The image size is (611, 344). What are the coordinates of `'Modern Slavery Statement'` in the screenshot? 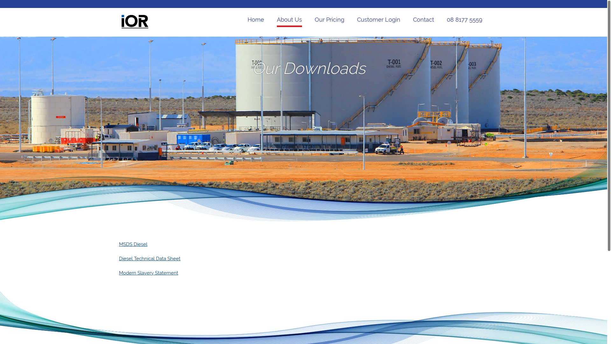 It's located at (148, 272).